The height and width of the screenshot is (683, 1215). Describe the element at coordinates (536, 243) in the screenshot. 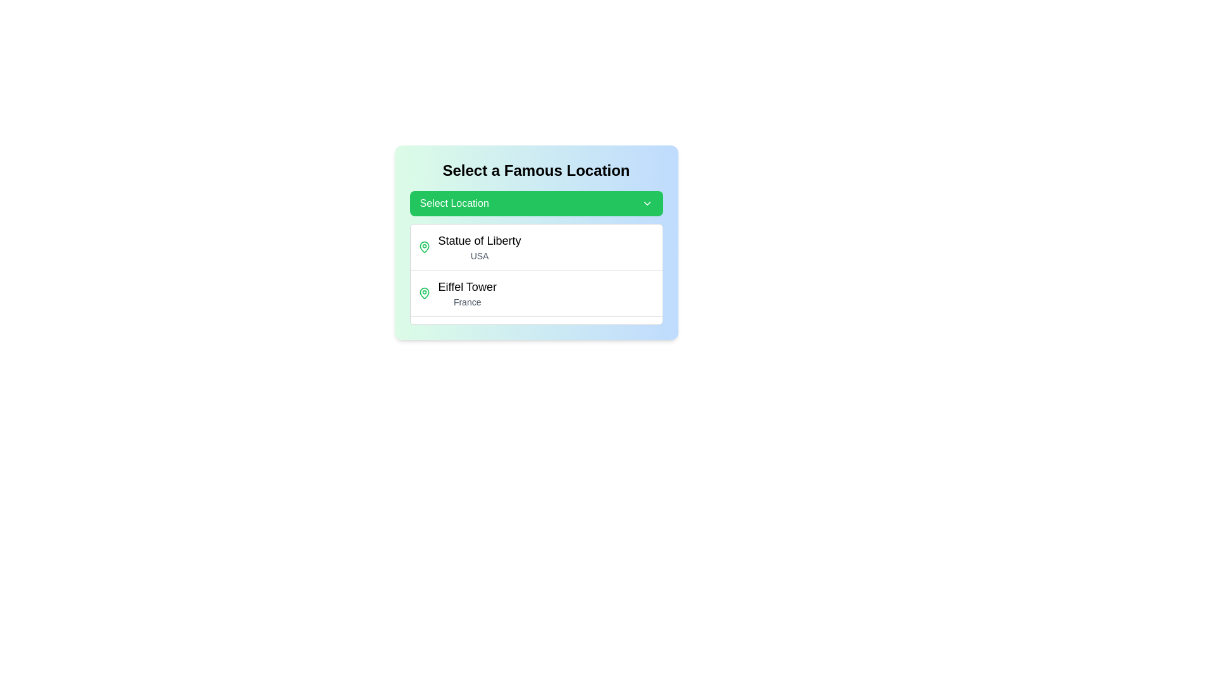

I see `the 'Statue of Liberty' item in the dropdown menu located under the 'Select Location' button` at that location.